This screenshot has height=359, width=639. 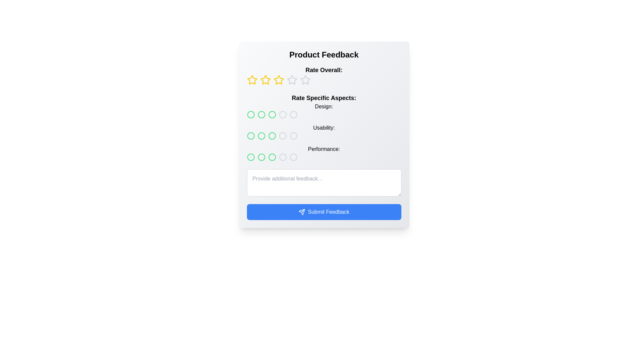 I want to click on the 'send' icon, which resembles a paper airplane, located centrally inside the 'Submit Feedback' button at the bottom of the interface, so click(x=302, y=212).